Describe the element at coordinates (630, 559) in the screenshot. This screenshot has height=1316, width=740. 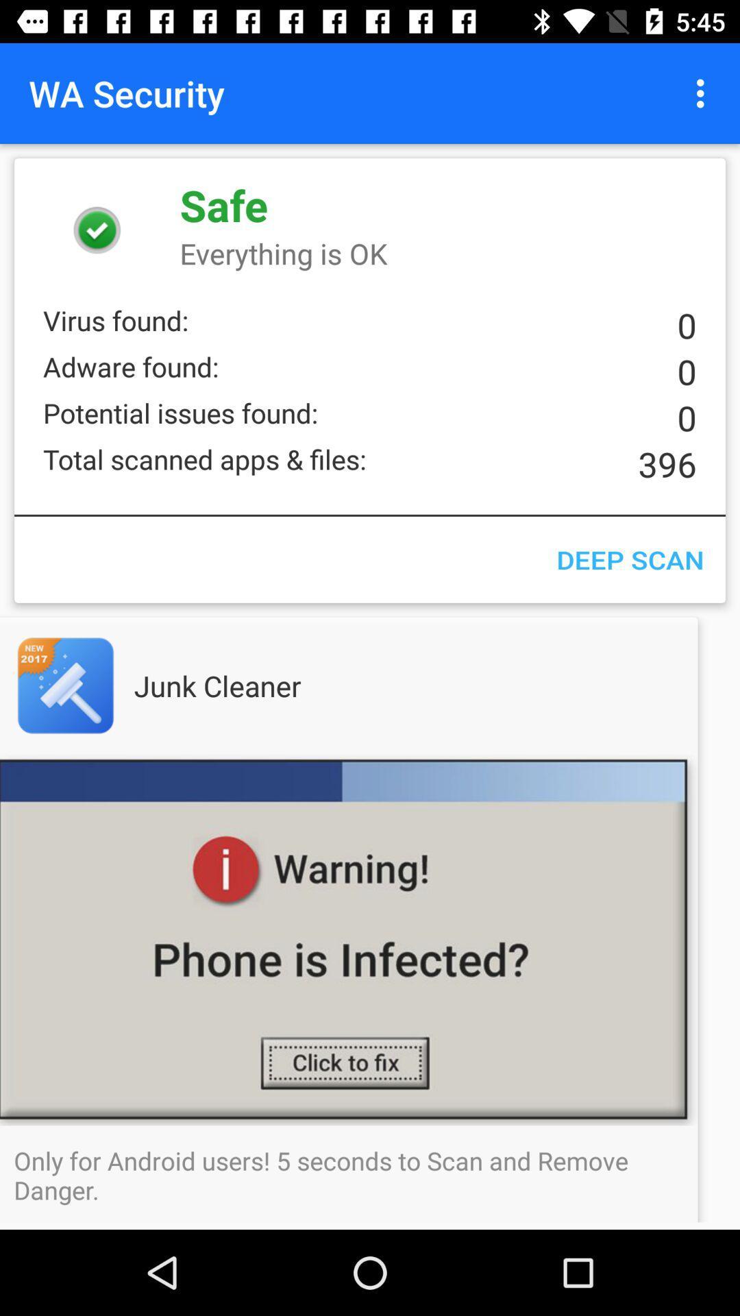
I see `the deep scan` at that location.